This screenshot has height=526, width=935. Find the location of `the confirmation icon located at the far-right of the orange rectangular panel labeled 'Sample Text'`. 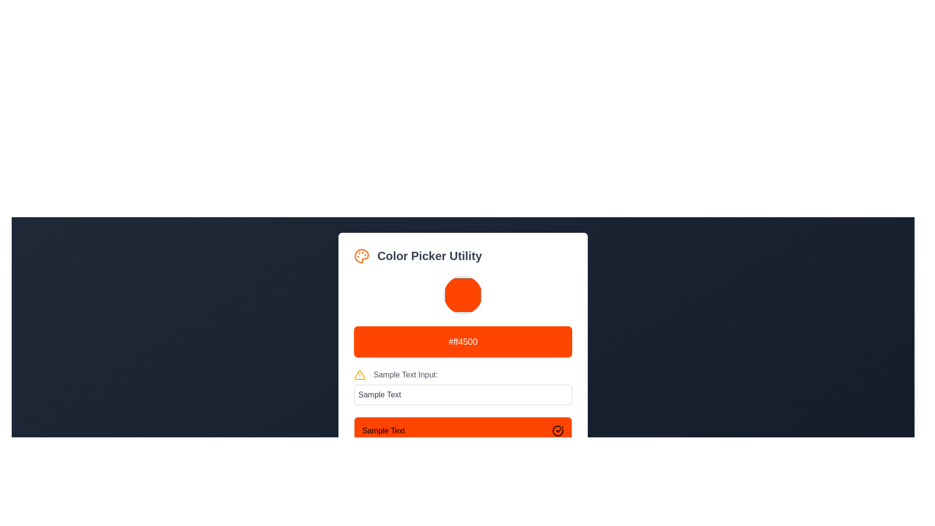

the confirmation icon located at the far-right of the orange rectangular panel labeled 'Sample Text' is located at coordinates (558, 430).